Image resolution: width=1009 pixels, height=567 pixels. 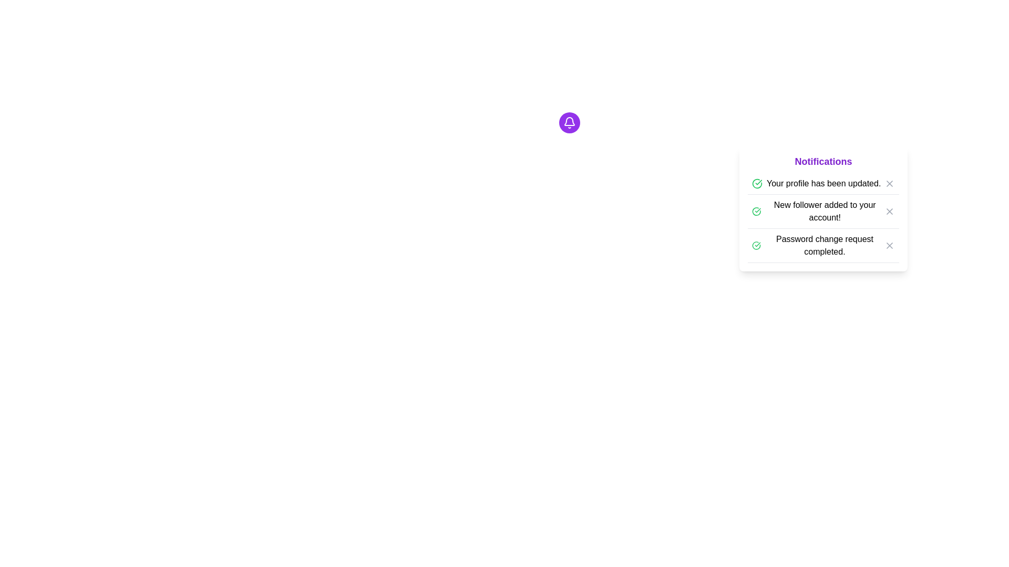 What do you see at coordinates (823, 183) in the screenshot?
I see `the Text Label that reads 'Your profile has been updated.'` at bounding box center [823, 183].